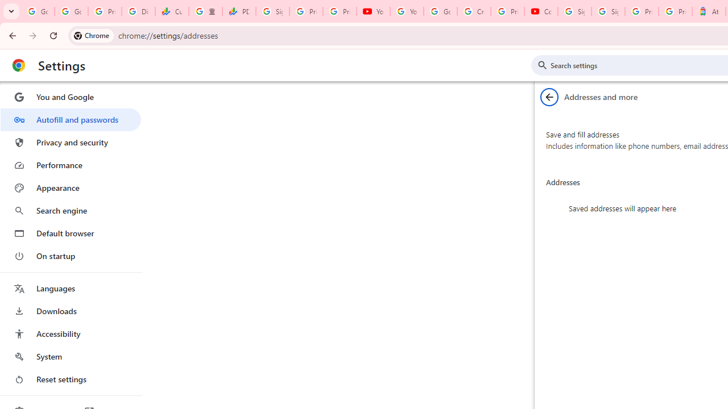  Describe the element at coordinates (70, 256) in the screenshot. I see `'On startup'` at that location.